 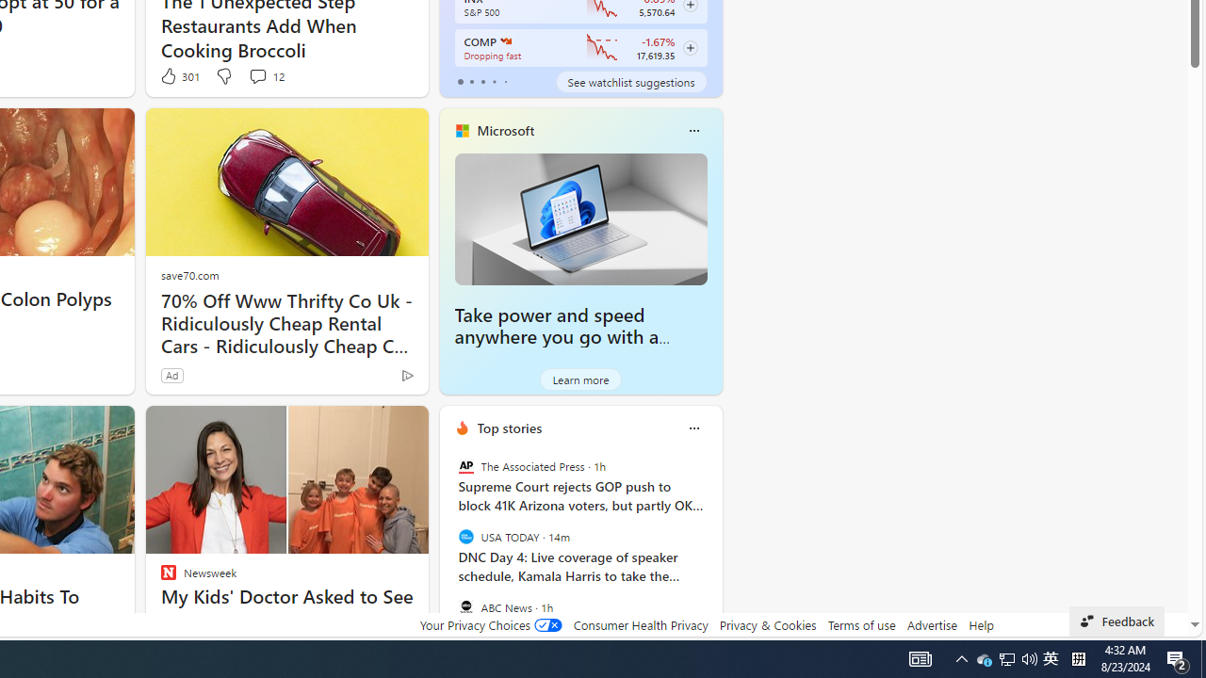 I want to click on 'tab-3', so click(x=494, y=81).